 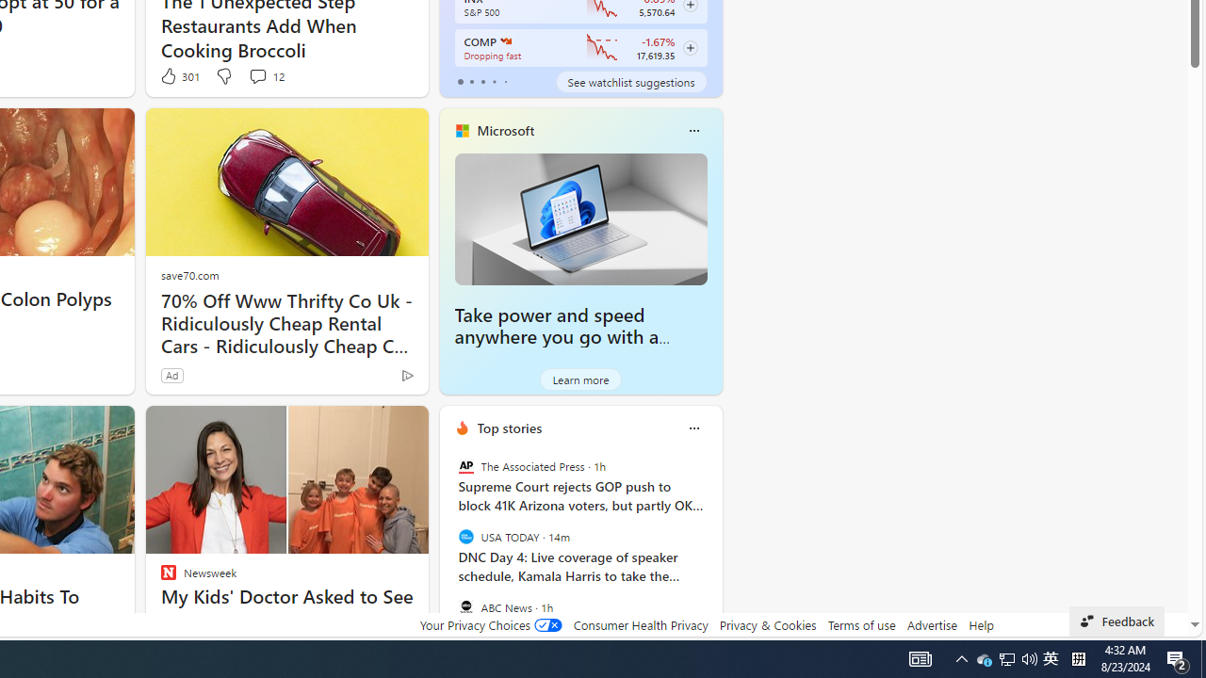 I want to click on 'tab-3', so click(x=494, y=81).